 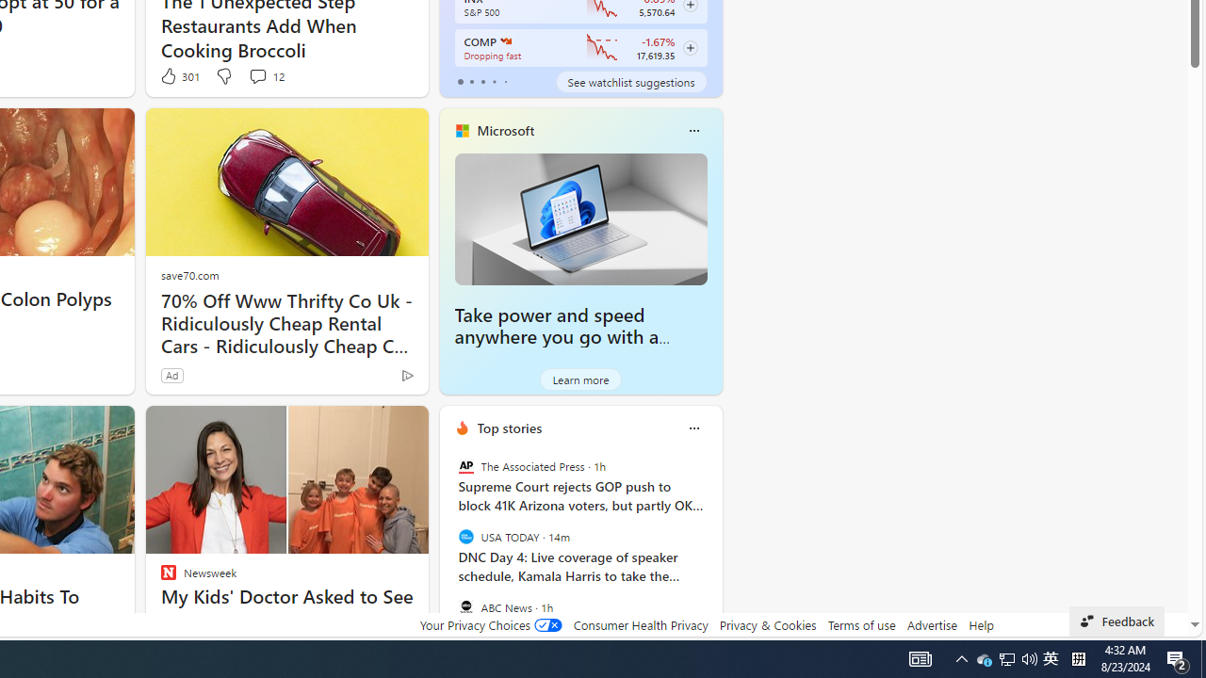 I want to click on 'tab-3', so click(x=494, y=81).